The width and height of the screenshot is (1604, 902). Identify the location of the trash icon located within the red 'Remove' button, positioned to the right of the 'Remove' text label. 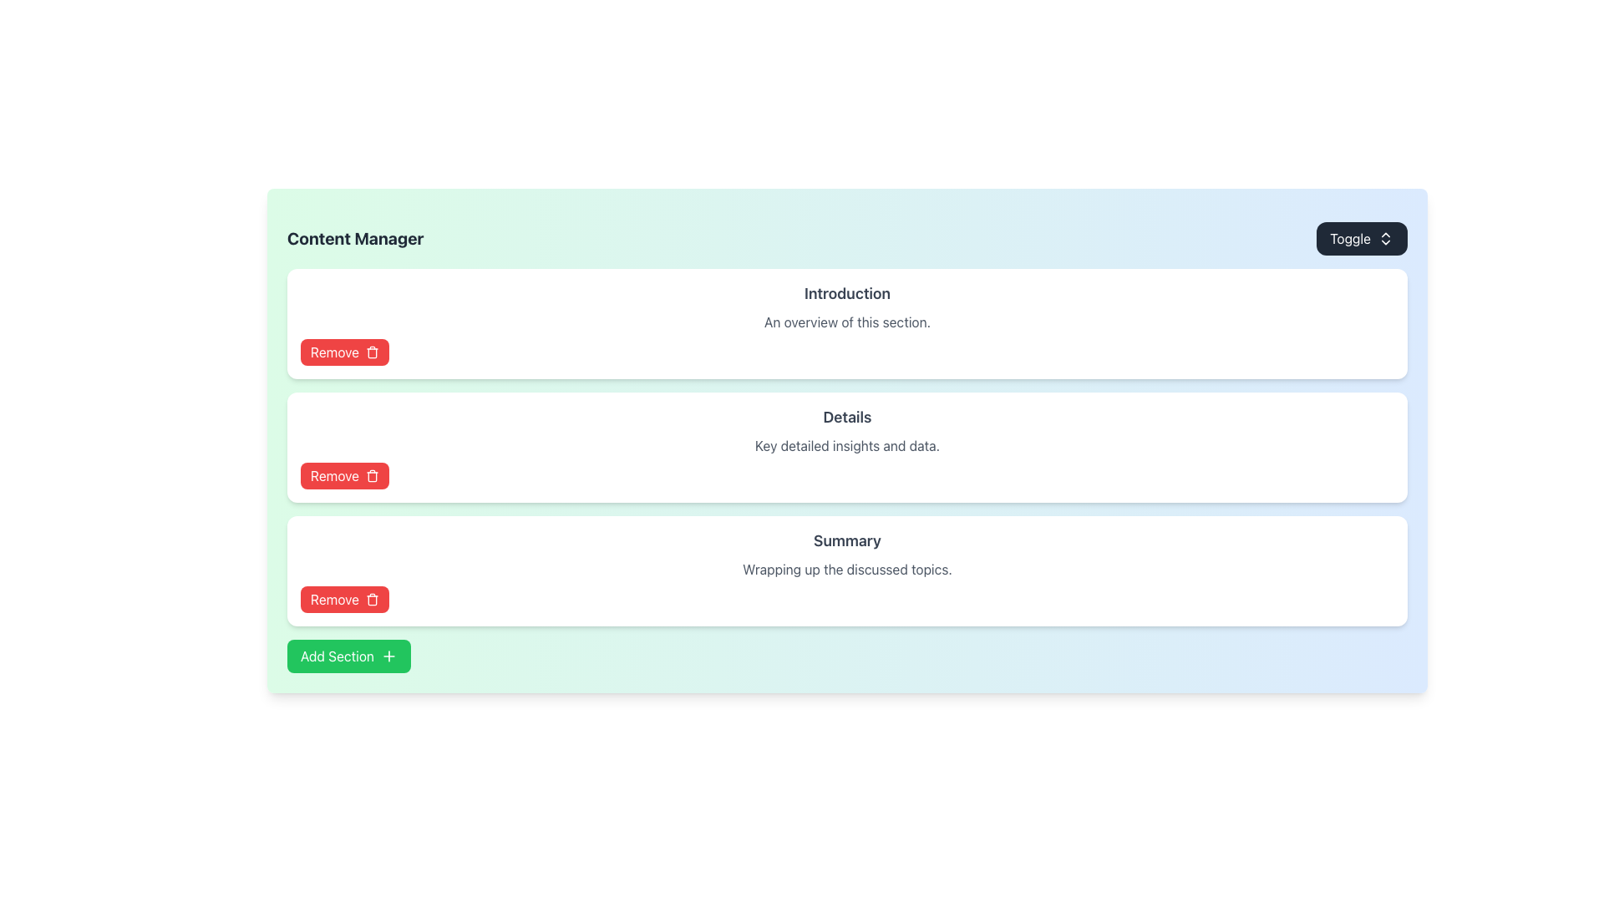
(372, 351).